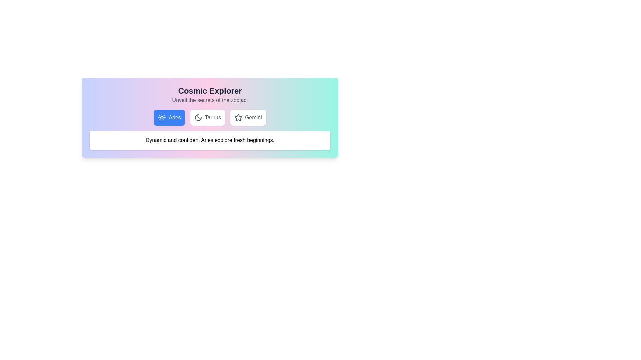 The height and width of the screenshot is (360, 641). I want to click on the Taurus tab to switch the active tab, so click(207, 117).